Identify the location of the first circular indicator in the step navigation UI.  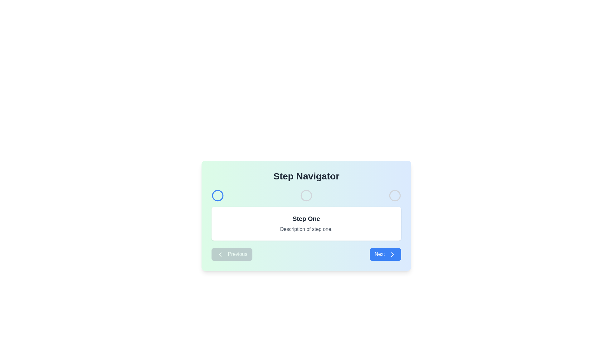
(217, 195).